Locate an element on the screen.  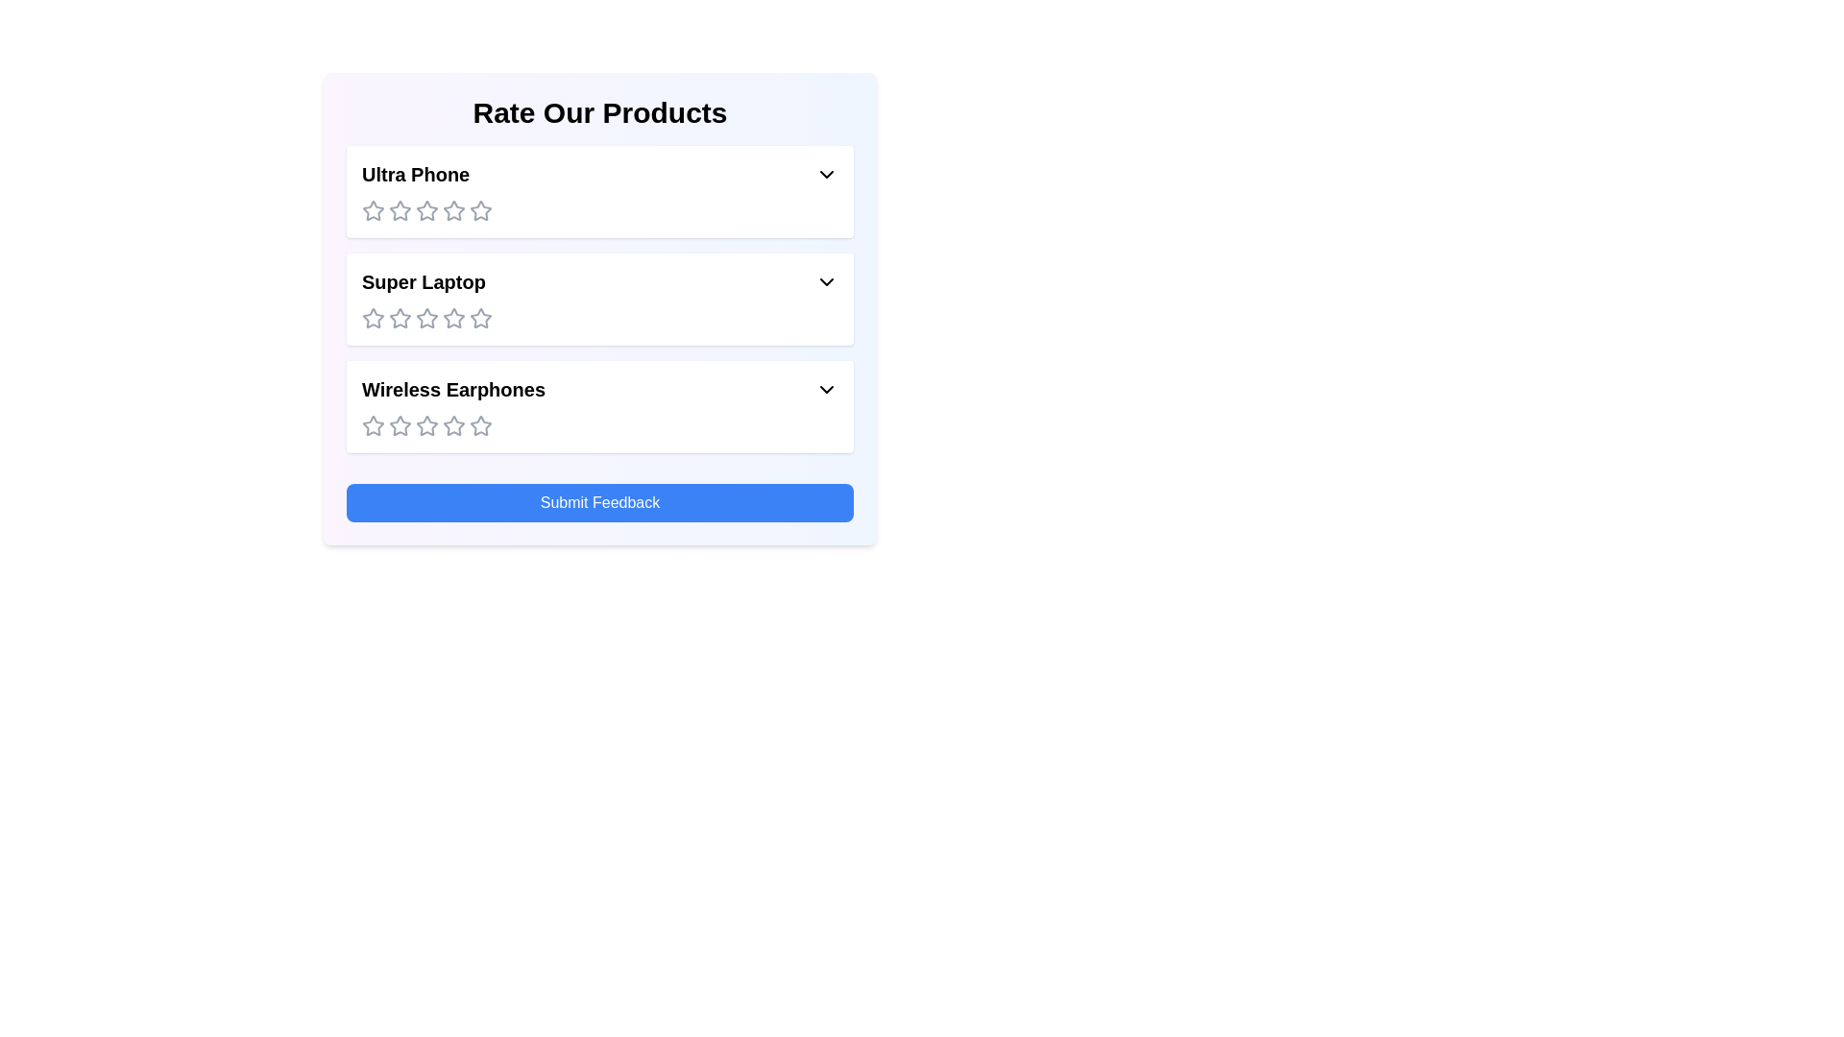
the rating for the product 'Ultra Phone' to 4 stars is located at coordinates (453, 210).